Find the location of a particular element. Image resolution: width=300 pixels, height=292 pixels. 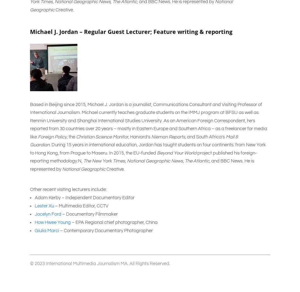

'© 2023 International Multimedia Journalism MA. All Rights Reserved.' is located at coordinates (100, 263).